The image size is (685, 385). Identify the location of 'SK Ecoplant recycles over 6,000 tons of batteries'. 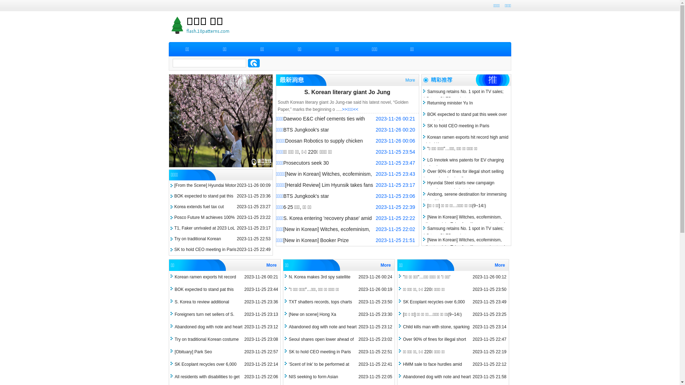
(171, 368).